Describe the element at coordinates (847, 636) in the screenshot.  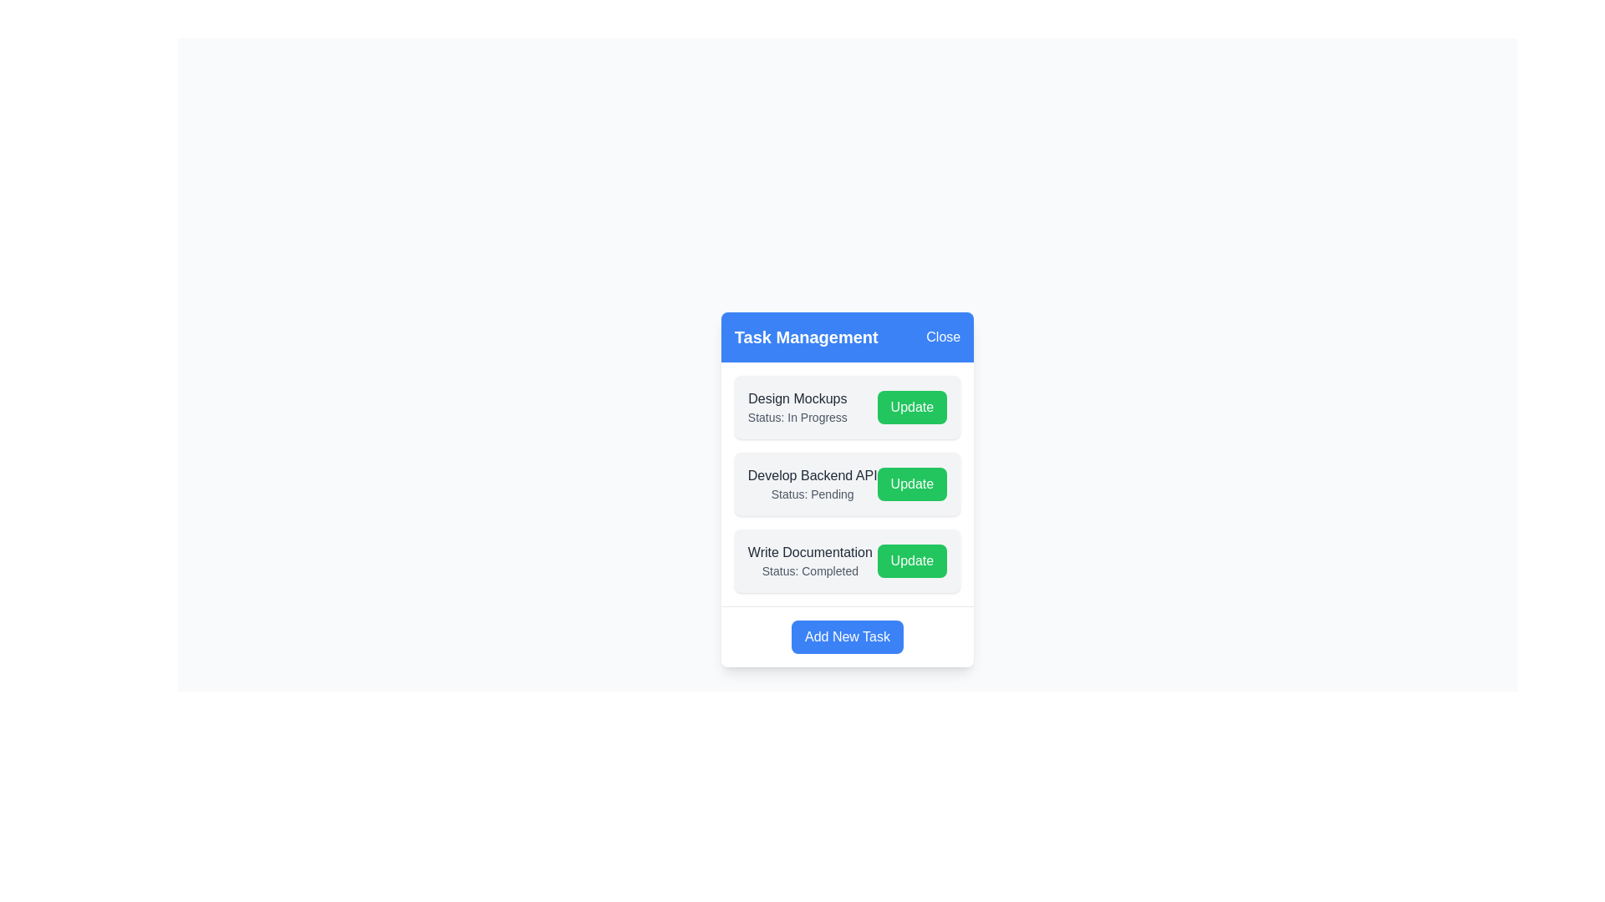
I see `the 'Add New Task' button to add a new task` at that location.